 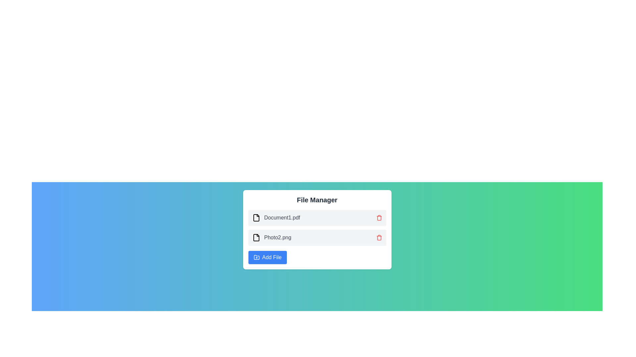 What do you see at coordinates (282, 218) in the screenshot?
I see `the text label 'Document1.pdf', which is styled in light gray and located next to a file icon in the file list of the 'File Manager' section` at bounding box center [282, 218].